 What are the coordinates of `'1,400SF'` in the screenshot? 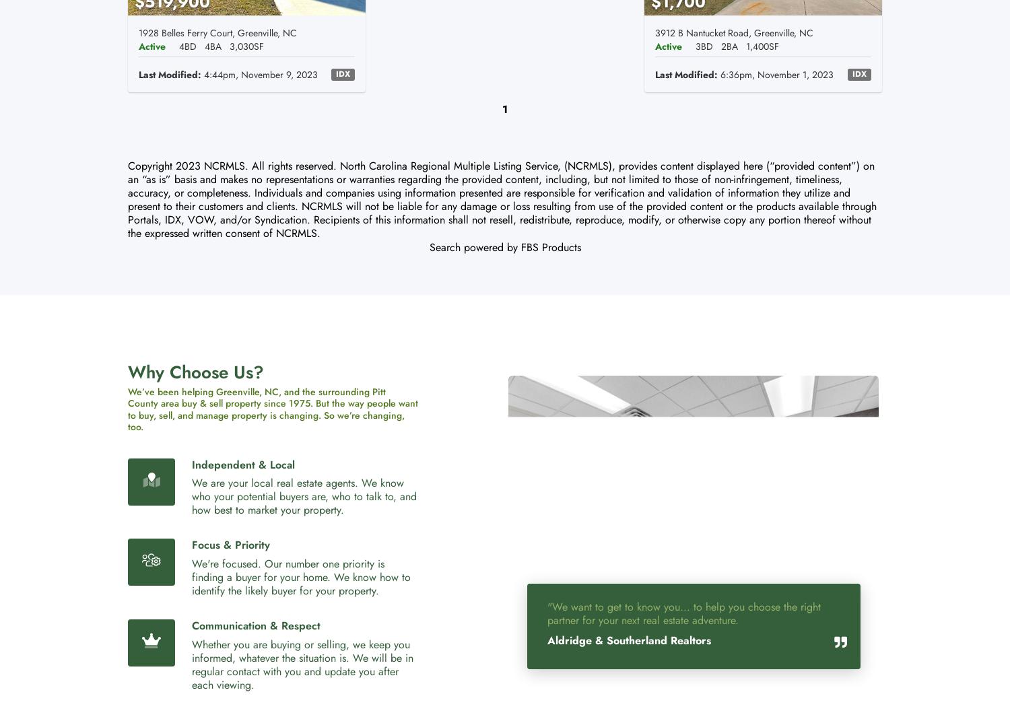 It's located at (745, 44).